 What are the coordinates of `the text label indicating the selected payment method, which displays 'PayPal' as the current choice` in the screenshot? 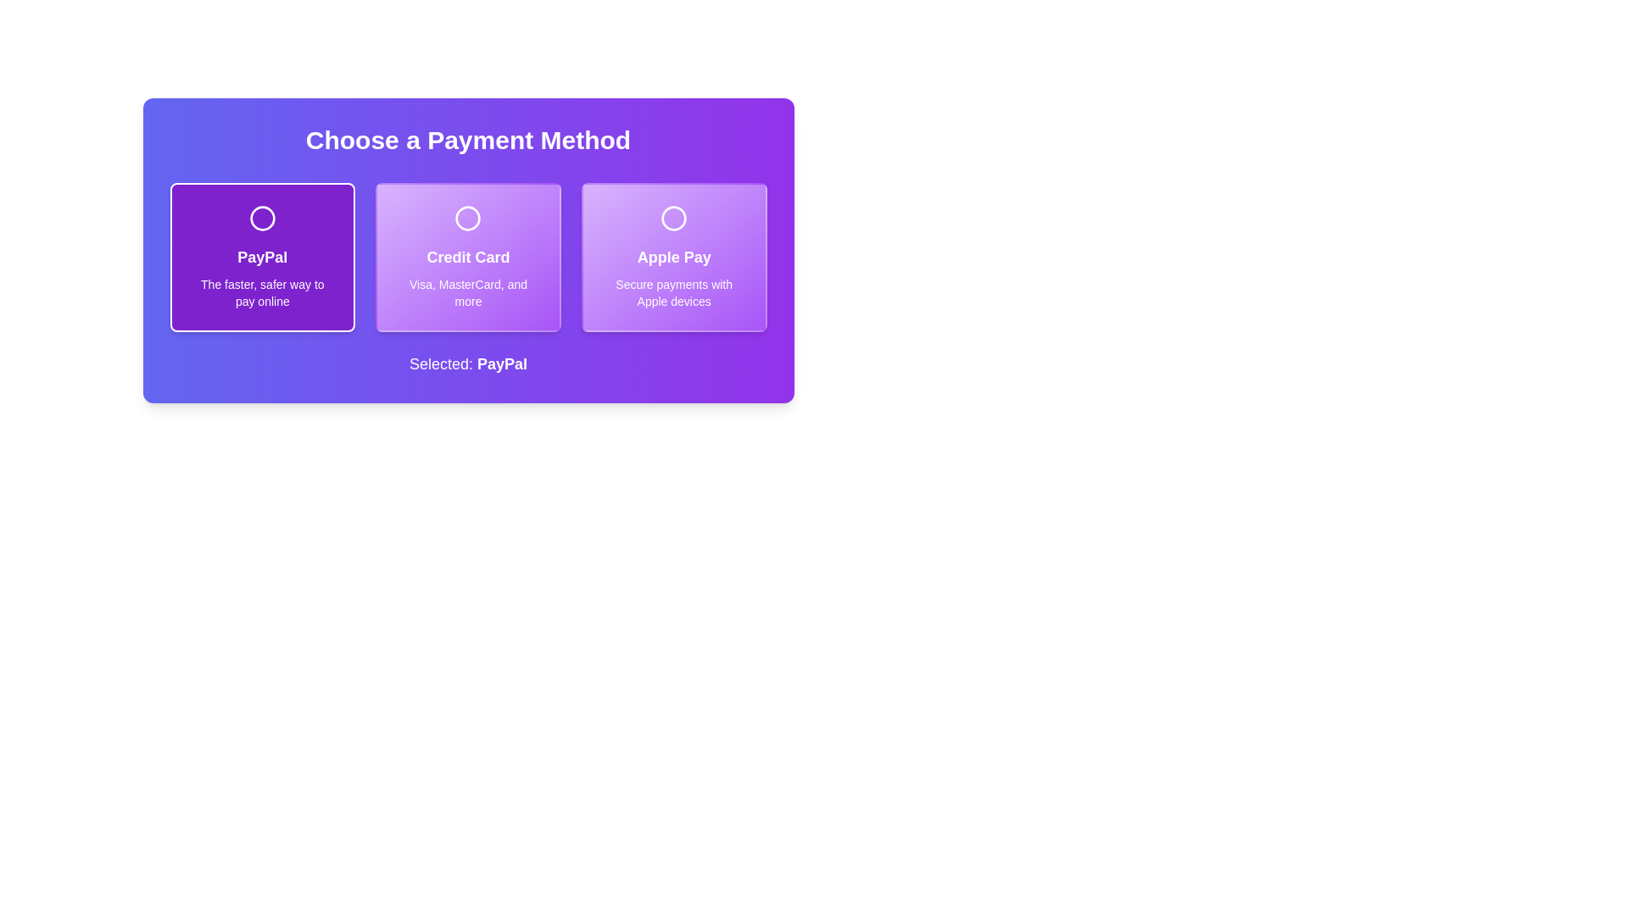 It's located at (501, 363).